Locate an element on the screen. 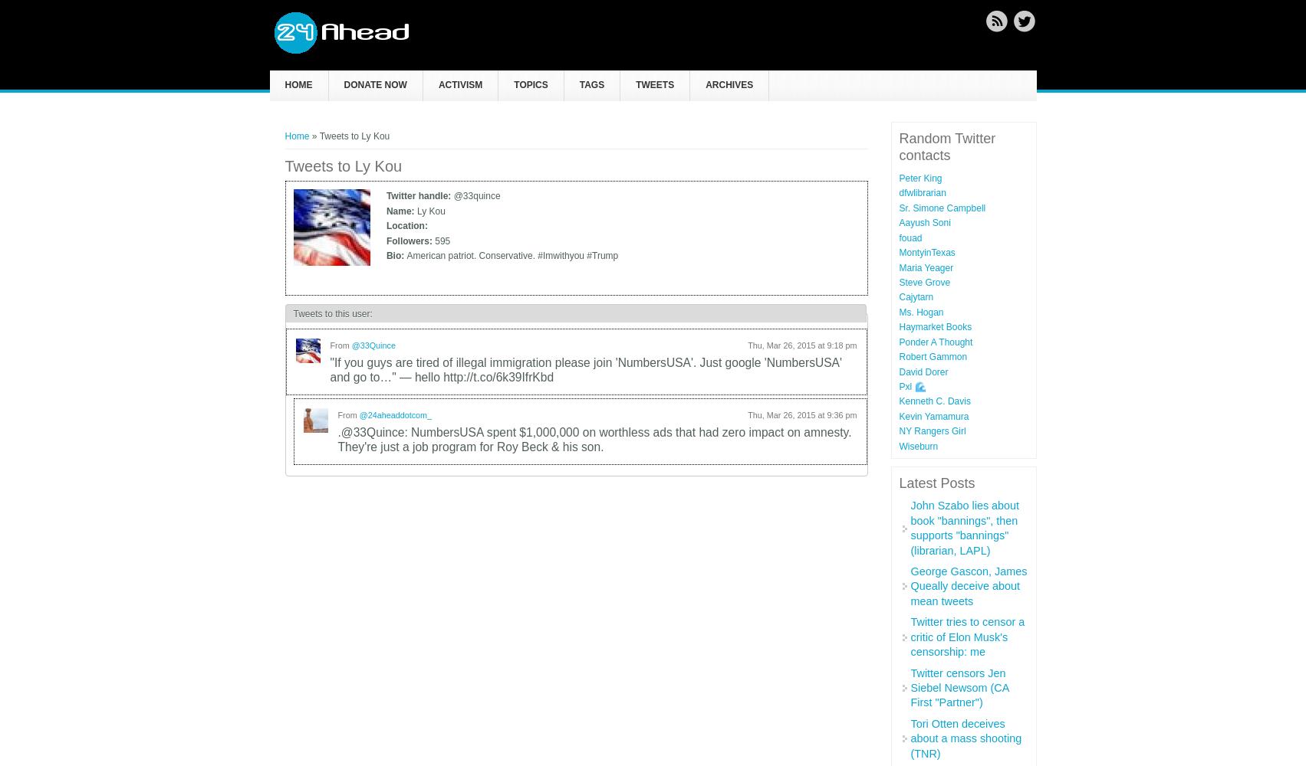 Image resolution: width=1306 pixels, height=766 pixels. 'Thu, Mar 26, 2015 at 9:18 pm' is located at coordinates (801, 344).